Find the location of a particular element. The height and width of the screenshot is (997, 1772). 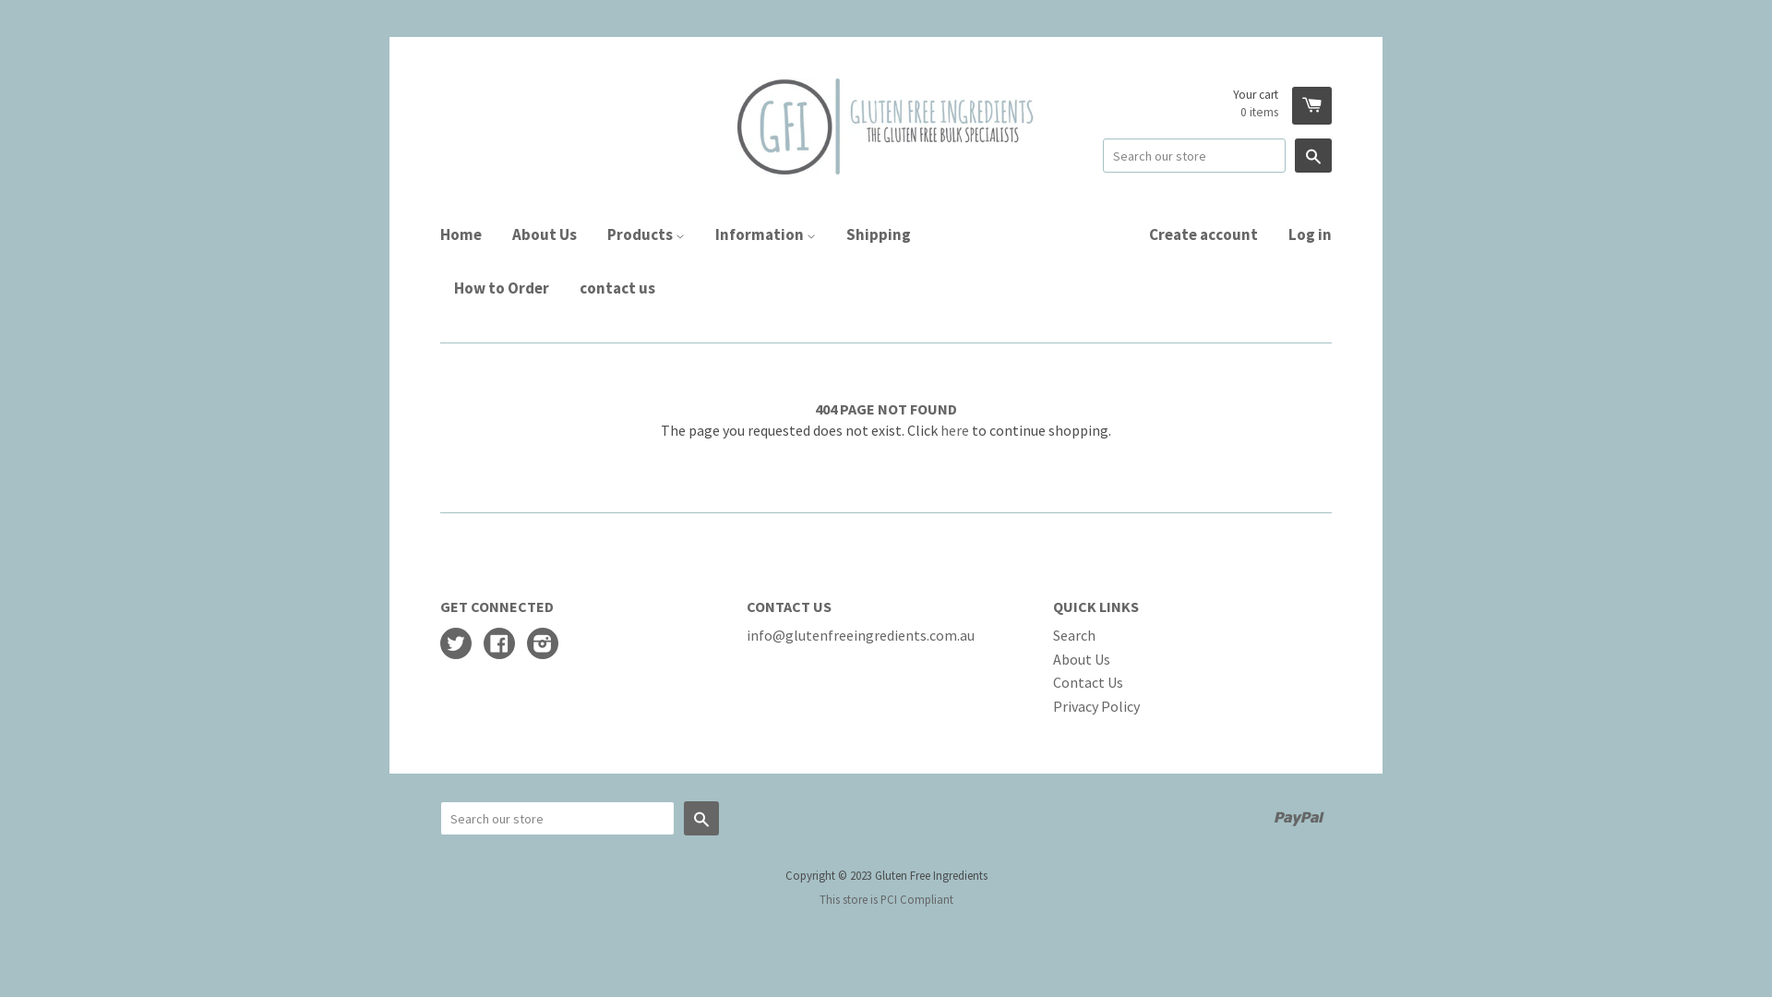

'About Us' is located at coordinates (1081, 657).